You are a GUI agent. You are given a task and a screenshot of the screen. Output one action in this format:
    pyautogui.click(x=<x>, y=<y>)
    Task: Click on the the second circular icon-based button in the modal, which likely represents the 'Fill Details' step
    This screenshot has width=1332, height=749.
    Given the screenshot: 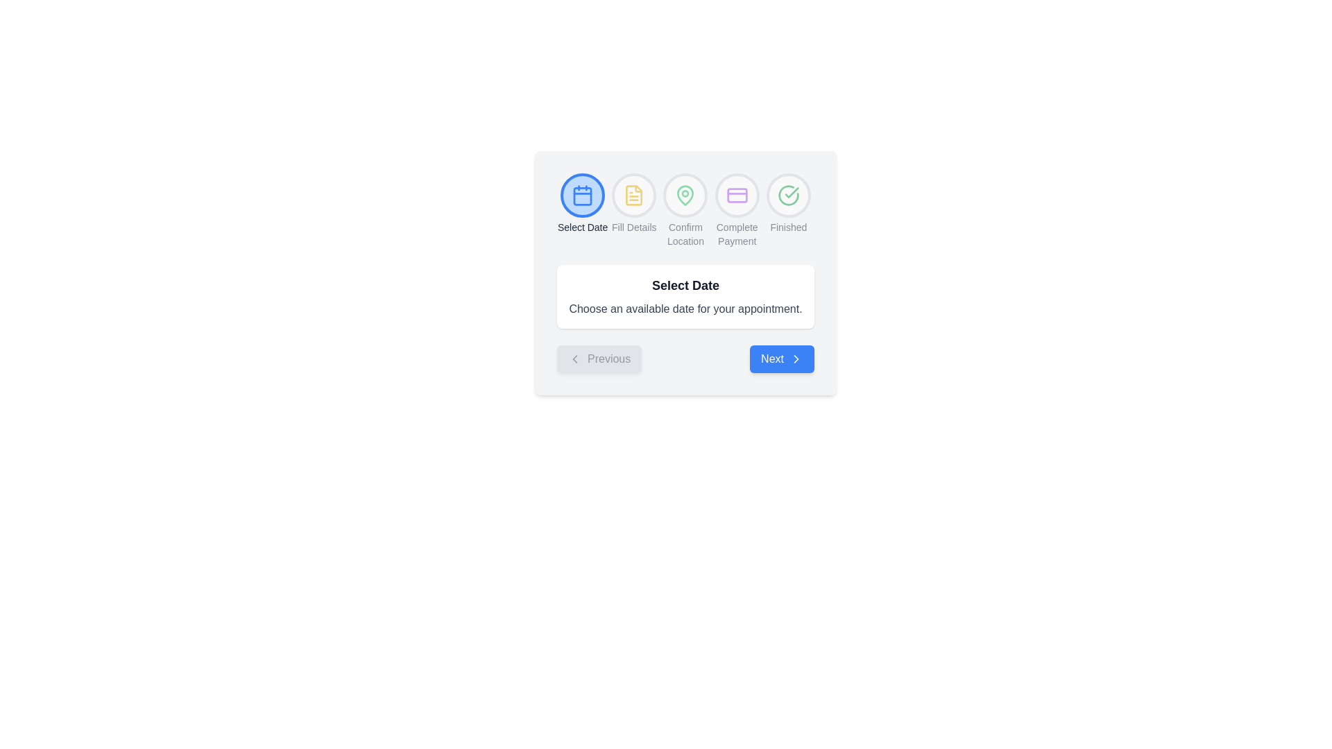 What is the action you would take?
    pyautogui.click(x=633, y=195)
    